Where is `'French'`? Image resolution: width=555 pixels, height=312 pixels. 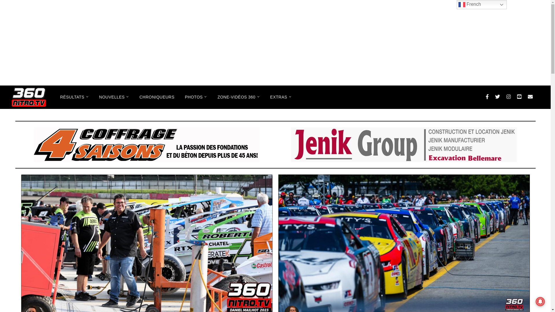 'French' is located at coordinates (482, 4).